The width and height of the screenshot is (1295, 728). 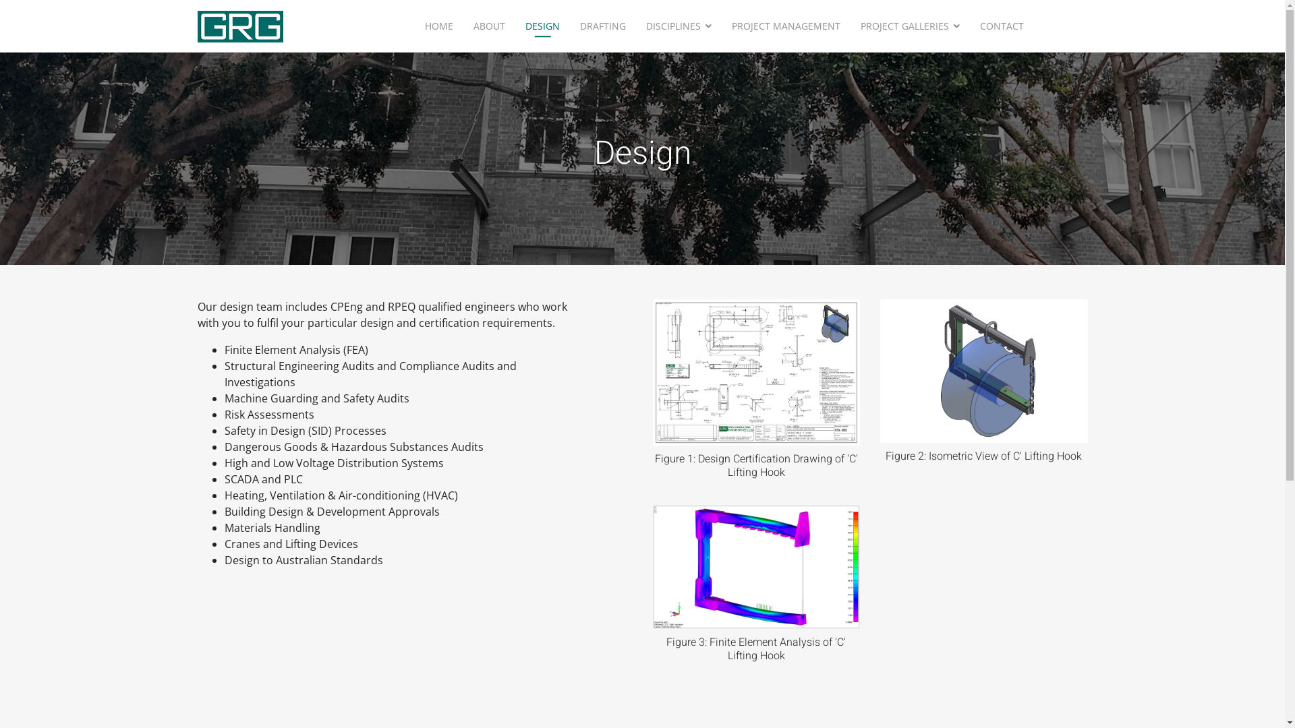 I want to click on 'PROJECT GALLERIES', so click(x=910, y=26).